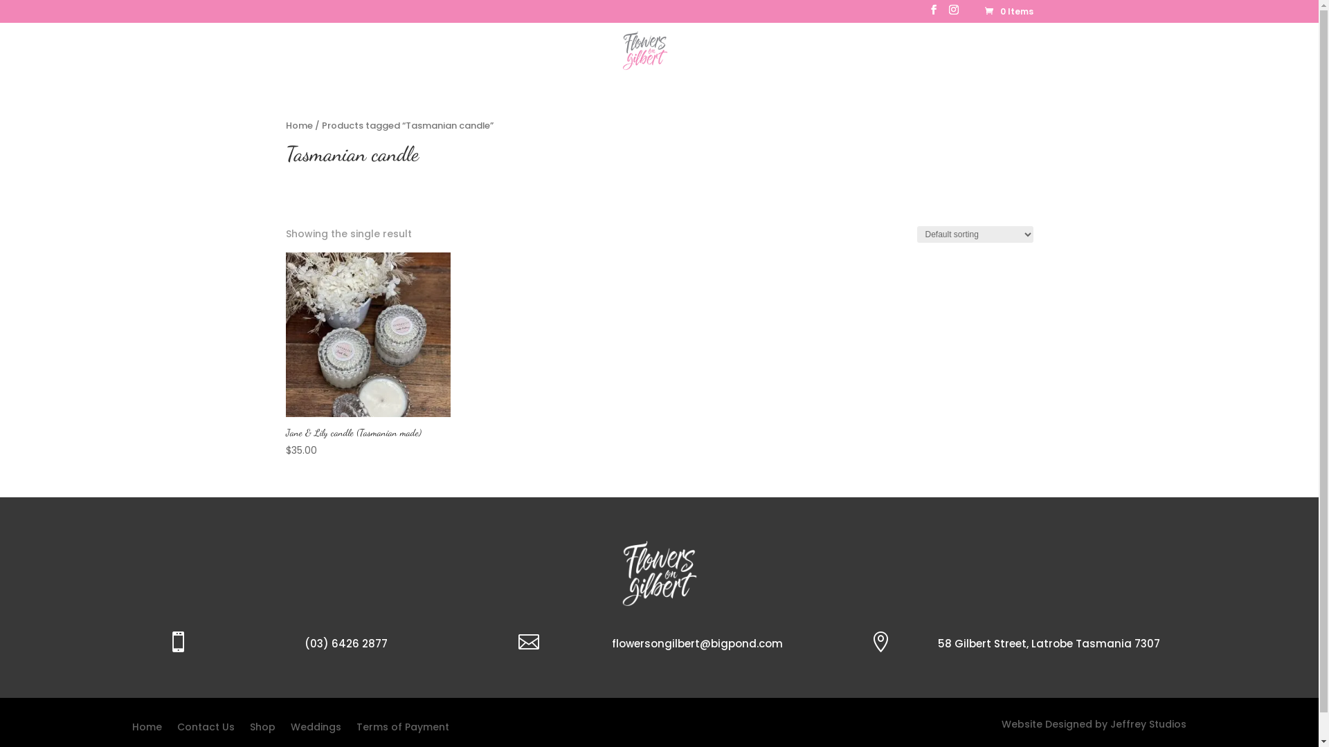 Image resolution: width=1329 pixels, height=747 pixels. Describe the element at coordinates (146, 729) in the screenshot. I see `'Home'` at that location.